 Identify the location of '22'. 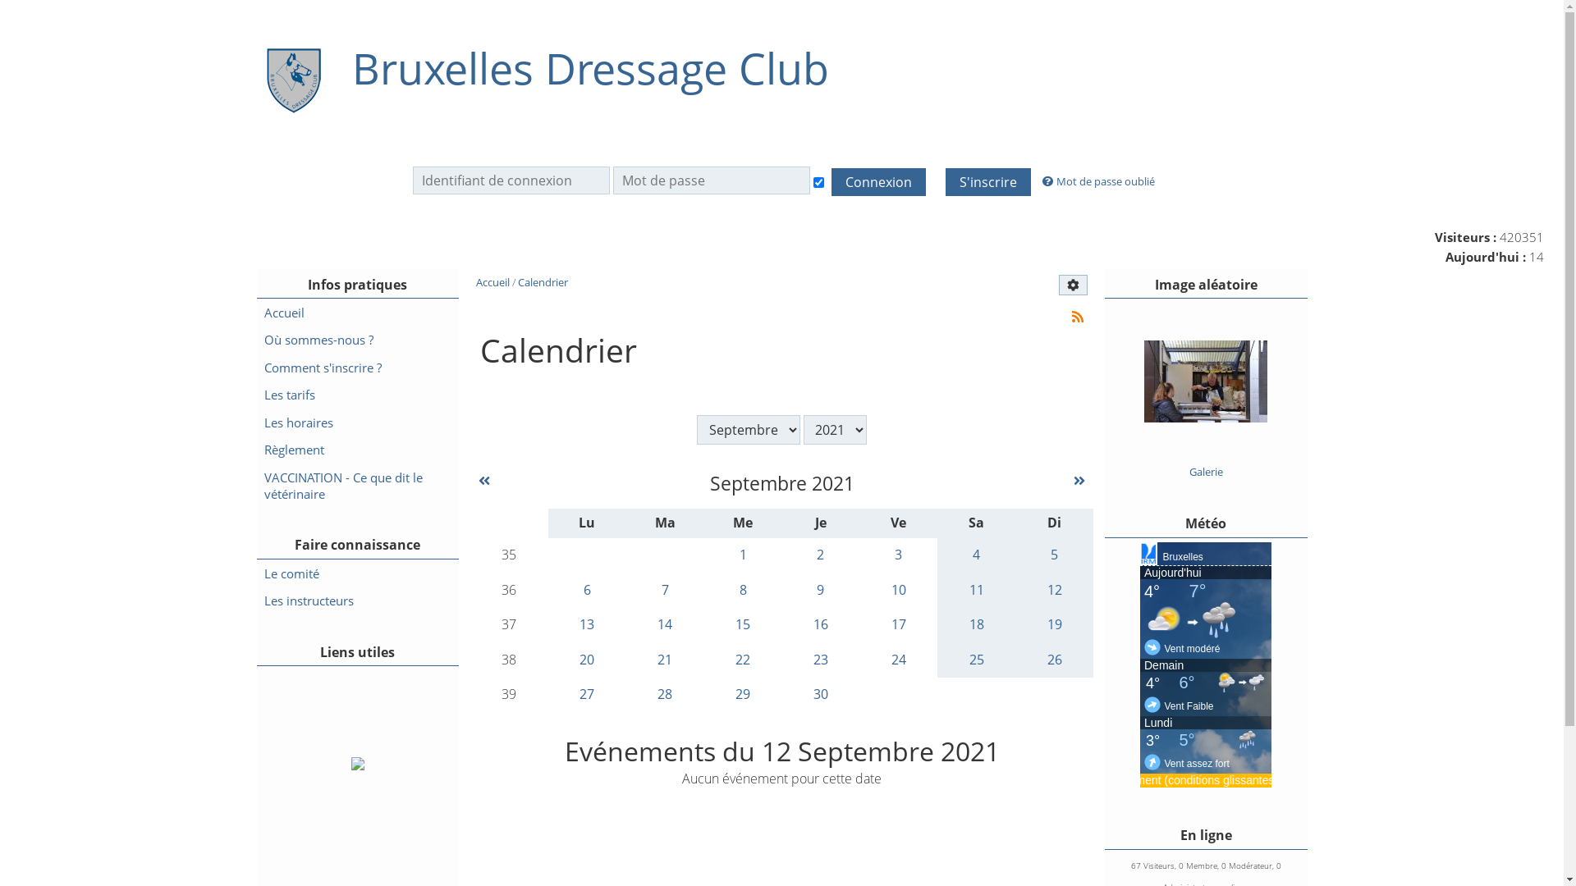
(742, 659).